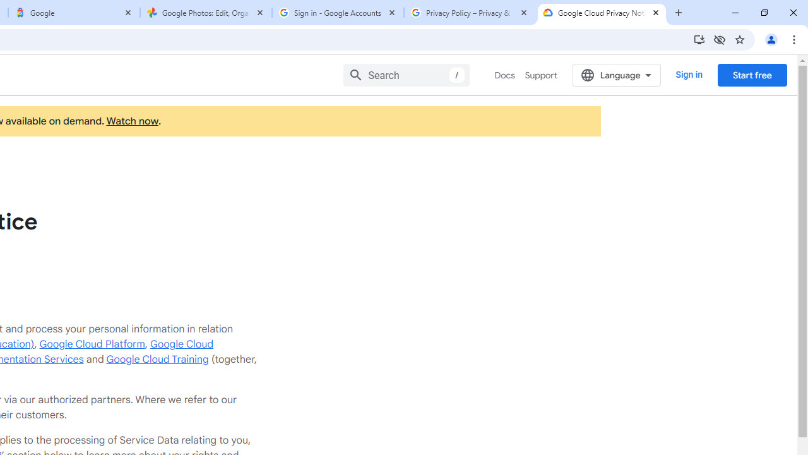 This screenshot has width=808, height=455. Describe the element at coordinates (132, 121) in the screenshot. I see `'Watch now'` at that location.